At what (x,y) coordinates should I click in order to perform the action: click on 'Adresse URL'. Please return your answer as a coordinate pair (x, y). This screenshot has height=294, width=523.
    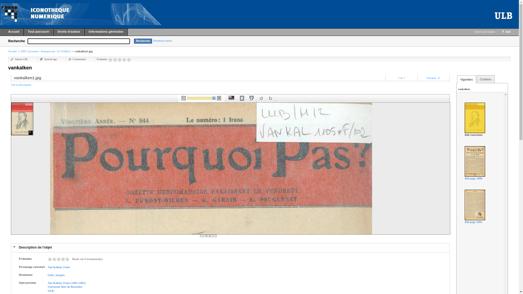
    Looking at the image, I should click on (19, 59).